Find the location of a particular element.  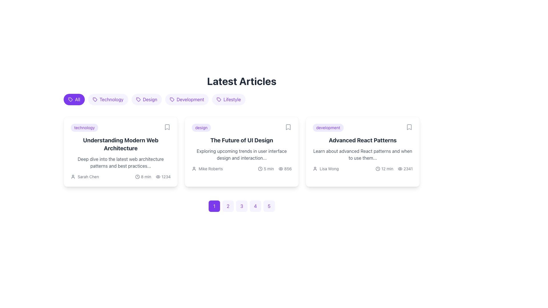

the Text with Icon displaying the number '2341' next to an eye-shaped icon located at the bottom-right section of the last article card titled 'Advanced React Patterns' is located at coordinates (405, 168).